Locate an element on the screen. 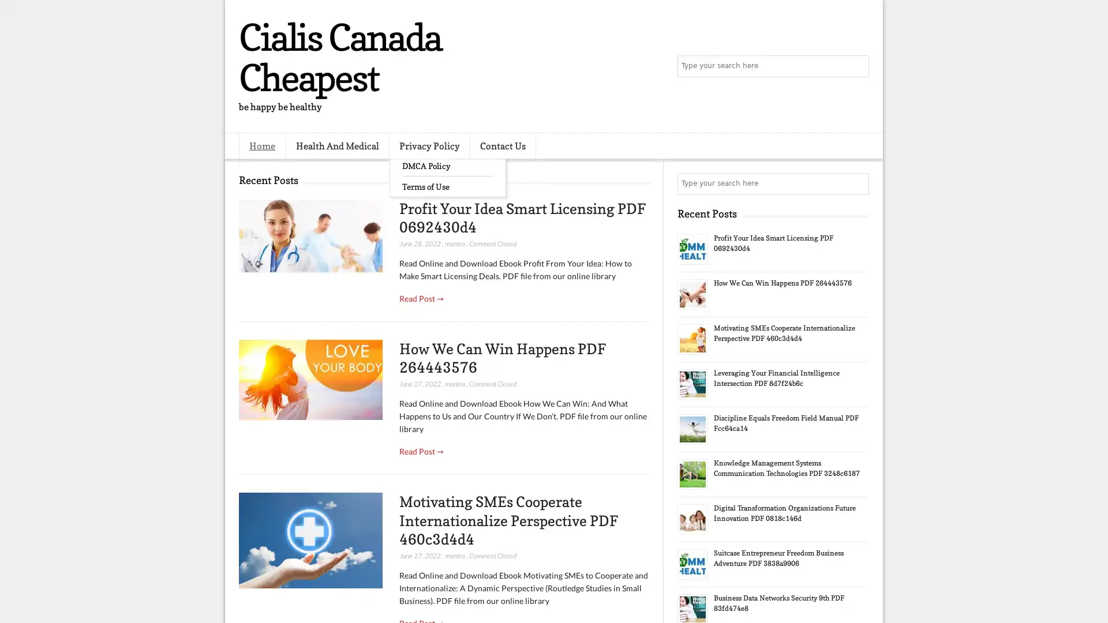 The image size is (1108, 623). Search is located at coordinates (857, 66).